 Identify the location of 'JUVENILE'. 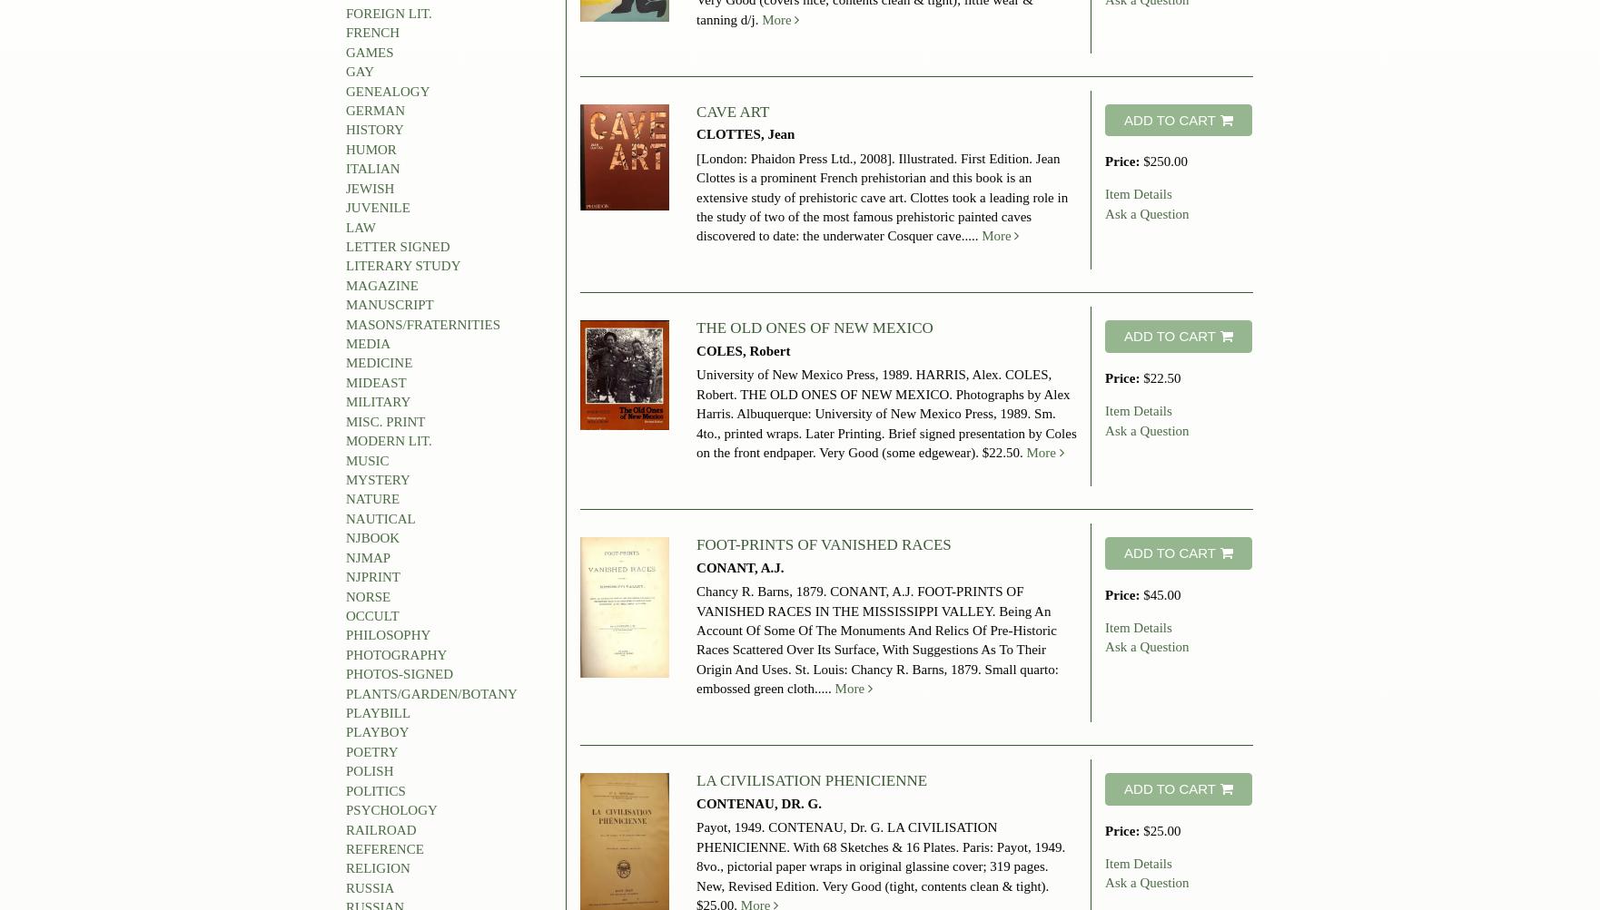
(378, 207).